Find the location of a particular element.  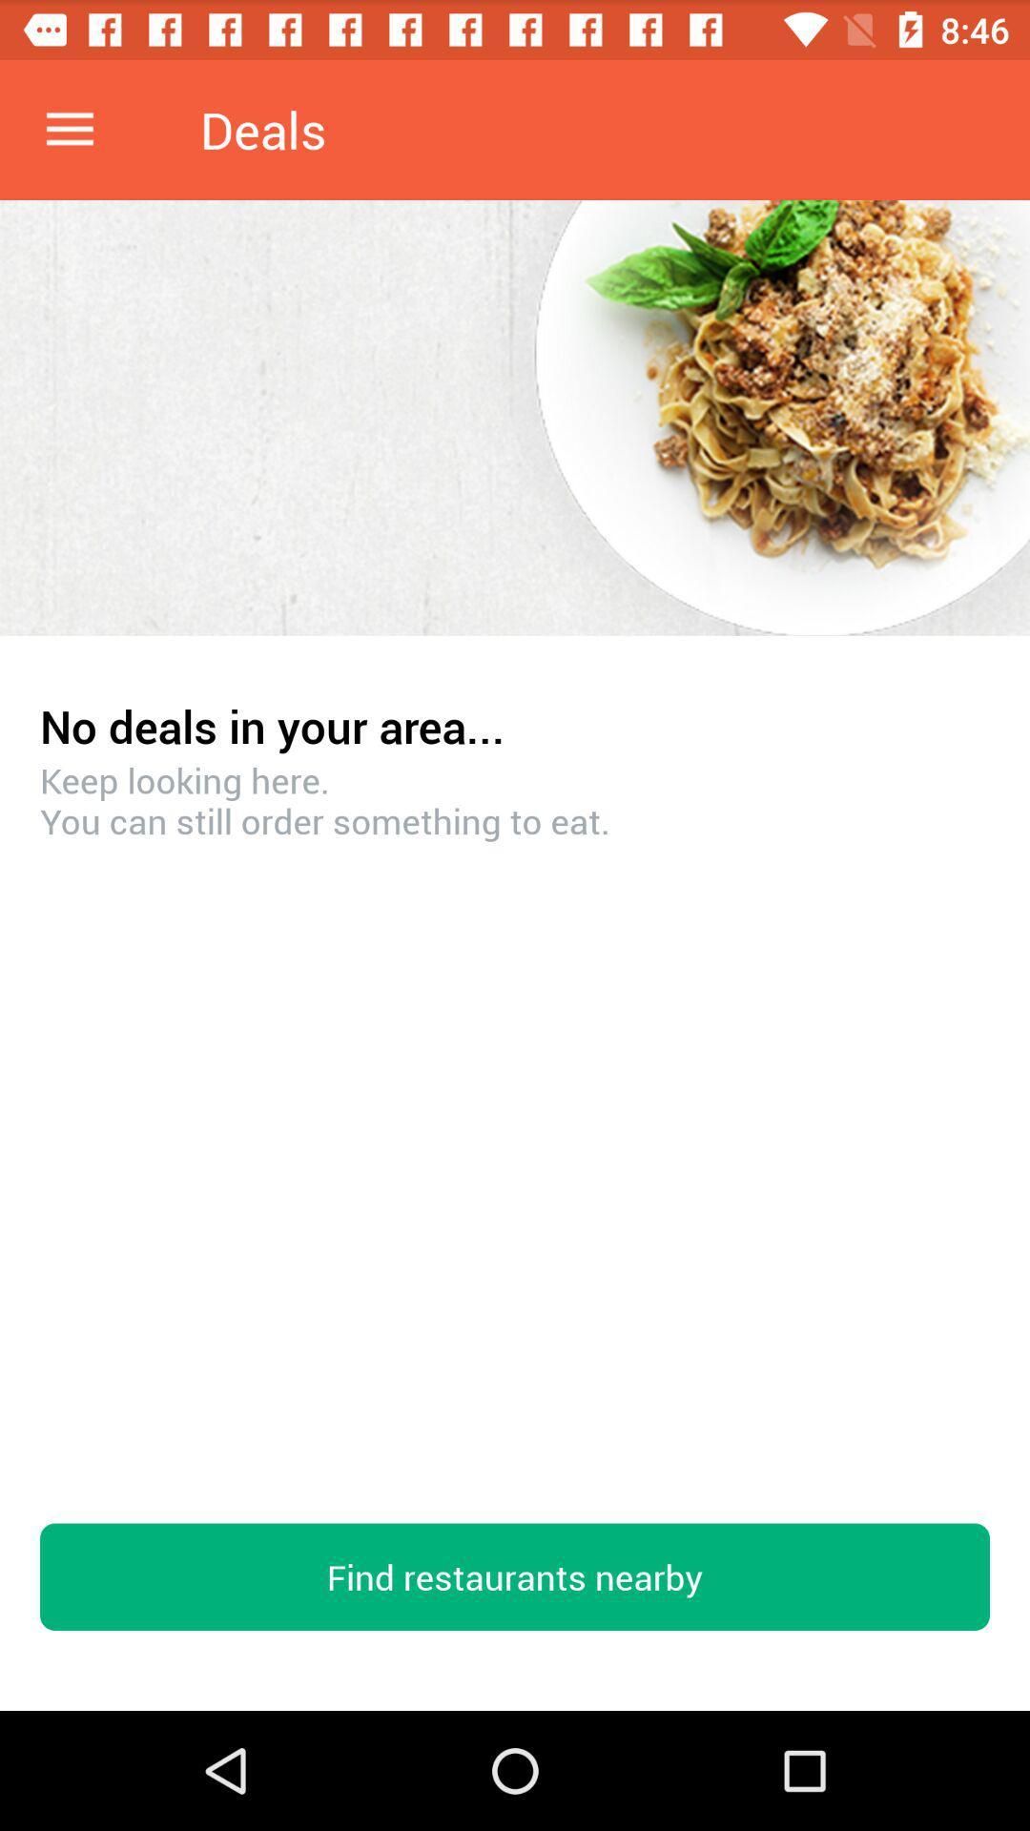

icon at the top left corner is located at coordinates (69, 129).